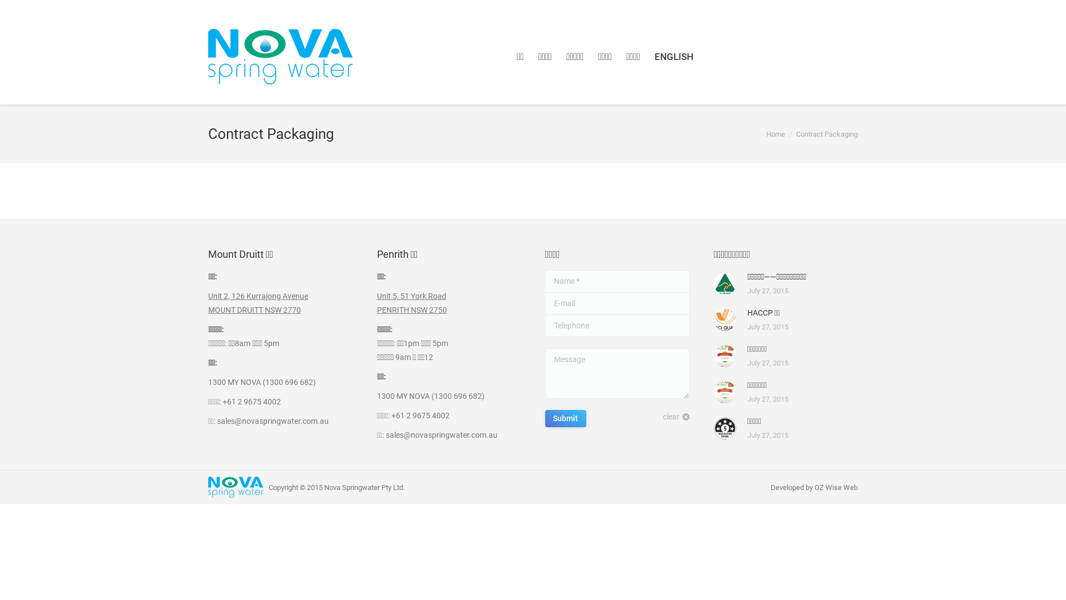 The image size is (1066, 600). I want to click on 'PENRITH NSW 2750', so click(410, 310).